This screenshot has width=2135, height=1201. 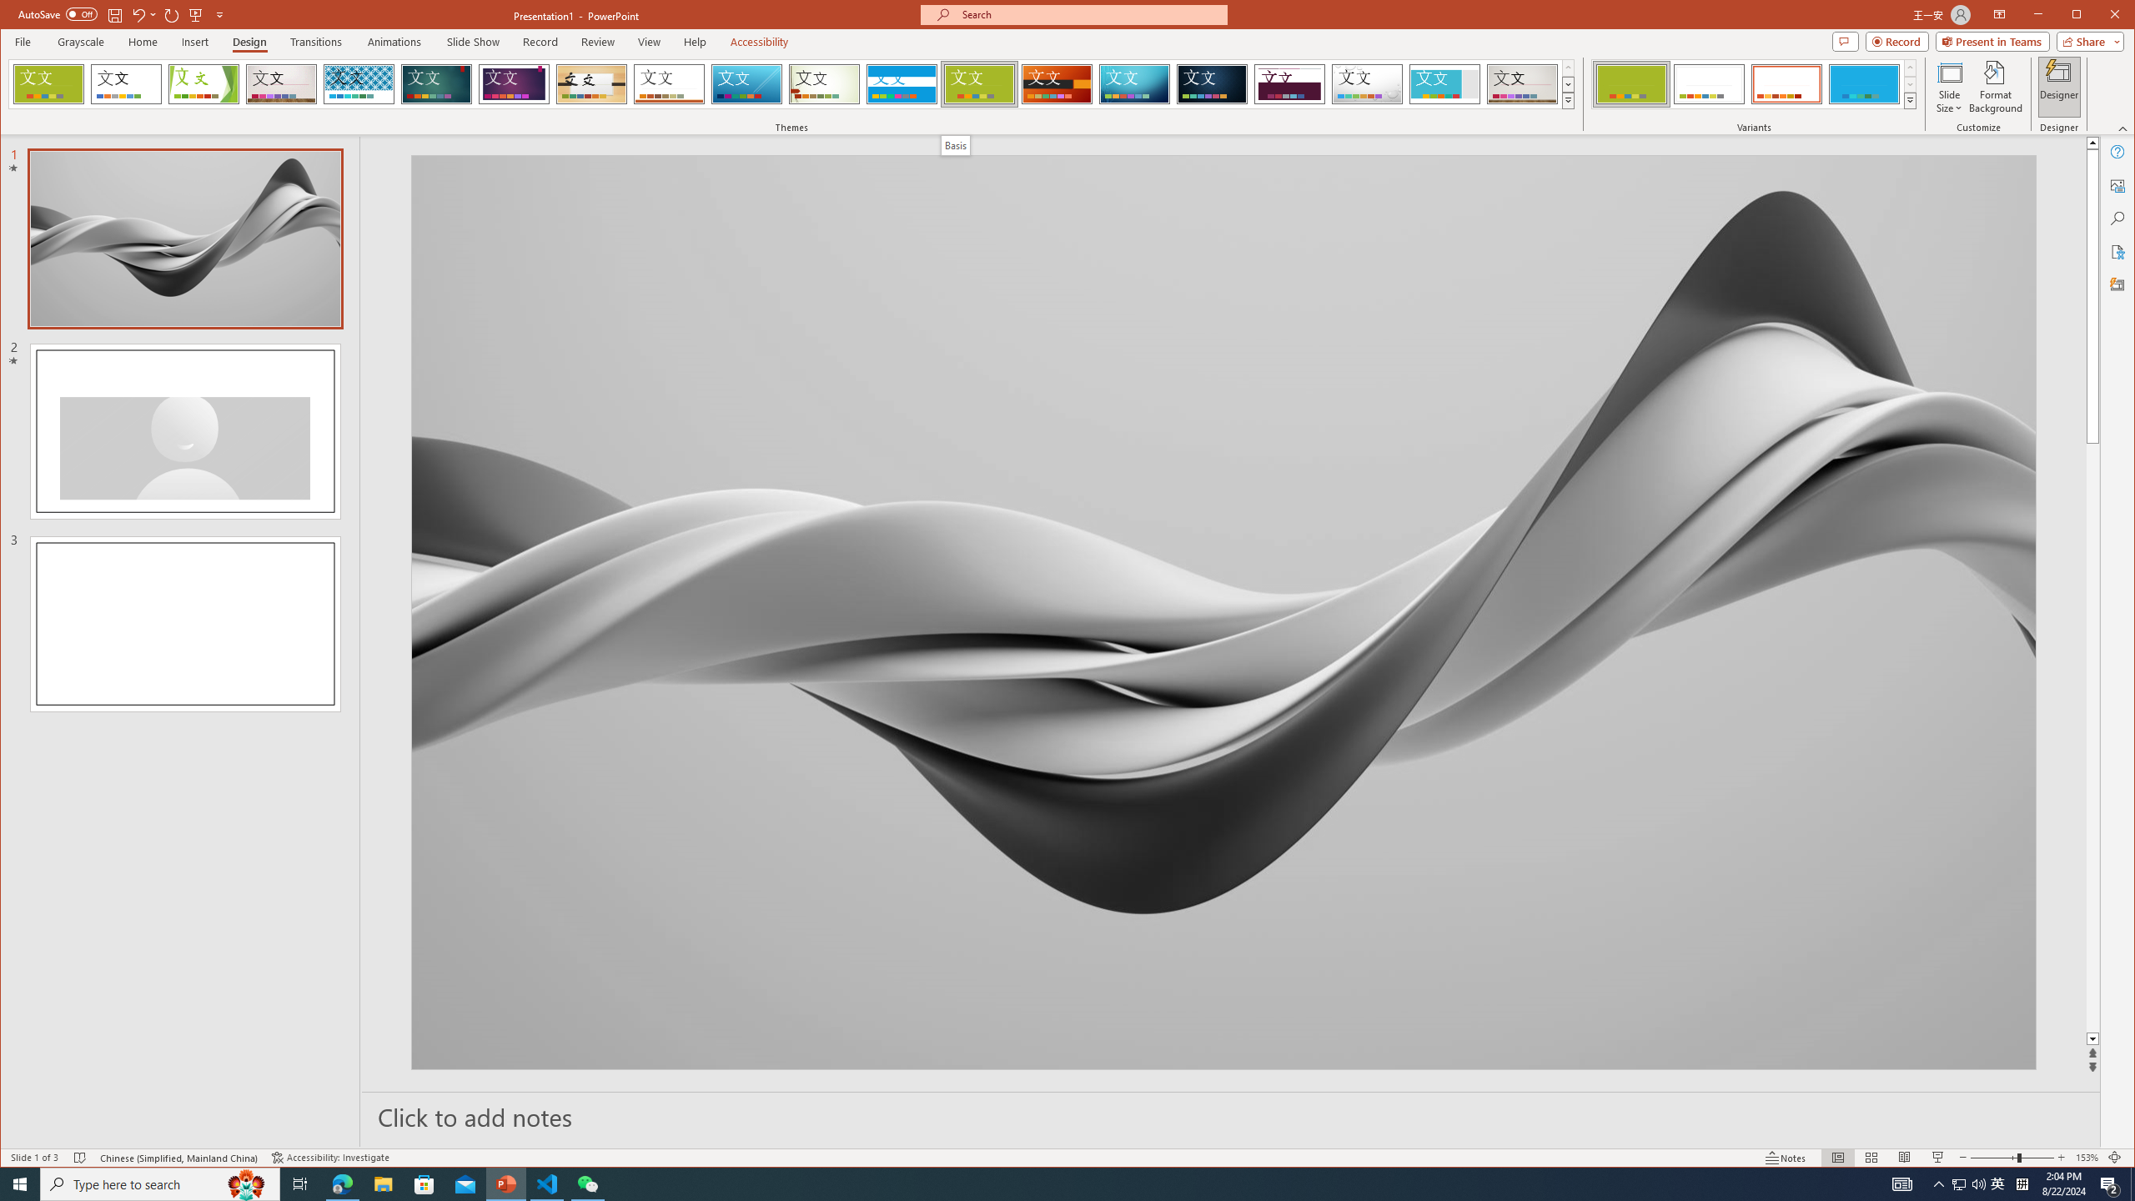 What do you see at coordinates (669, 83) in the screenshot?
I see `'Retrospect'` at bounding box center [669, 83].